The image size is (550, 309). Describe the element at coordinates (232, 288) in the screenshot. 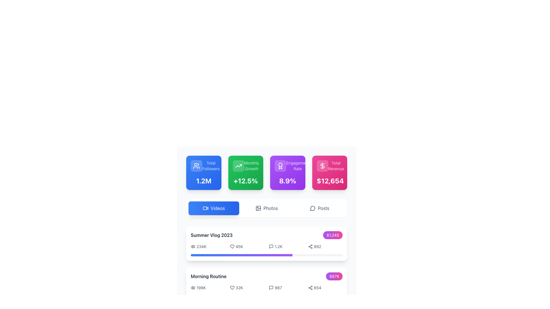

I see `the heart-shaped icon located to the left of the numerical information` at that location.